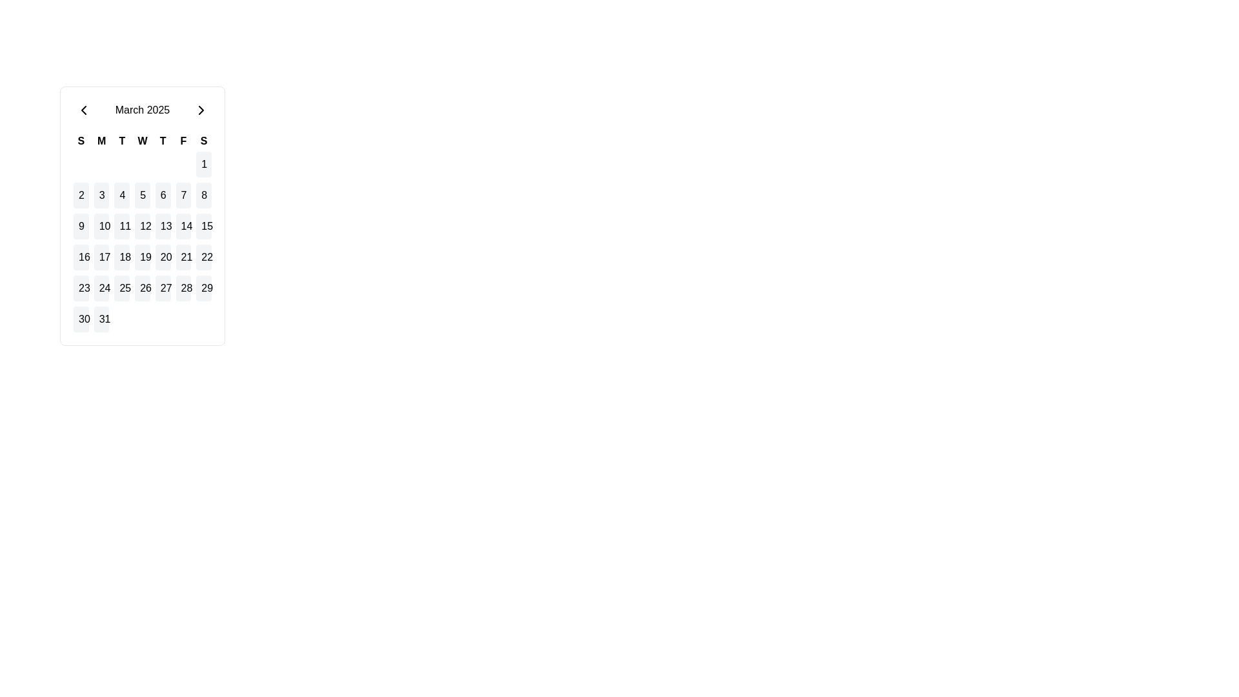 This screenshot has height=697, width=1239. I want to click on the interactive calendar day button for the 9th day of the month, located in the second week of the Sunday column, so click(80, 226).